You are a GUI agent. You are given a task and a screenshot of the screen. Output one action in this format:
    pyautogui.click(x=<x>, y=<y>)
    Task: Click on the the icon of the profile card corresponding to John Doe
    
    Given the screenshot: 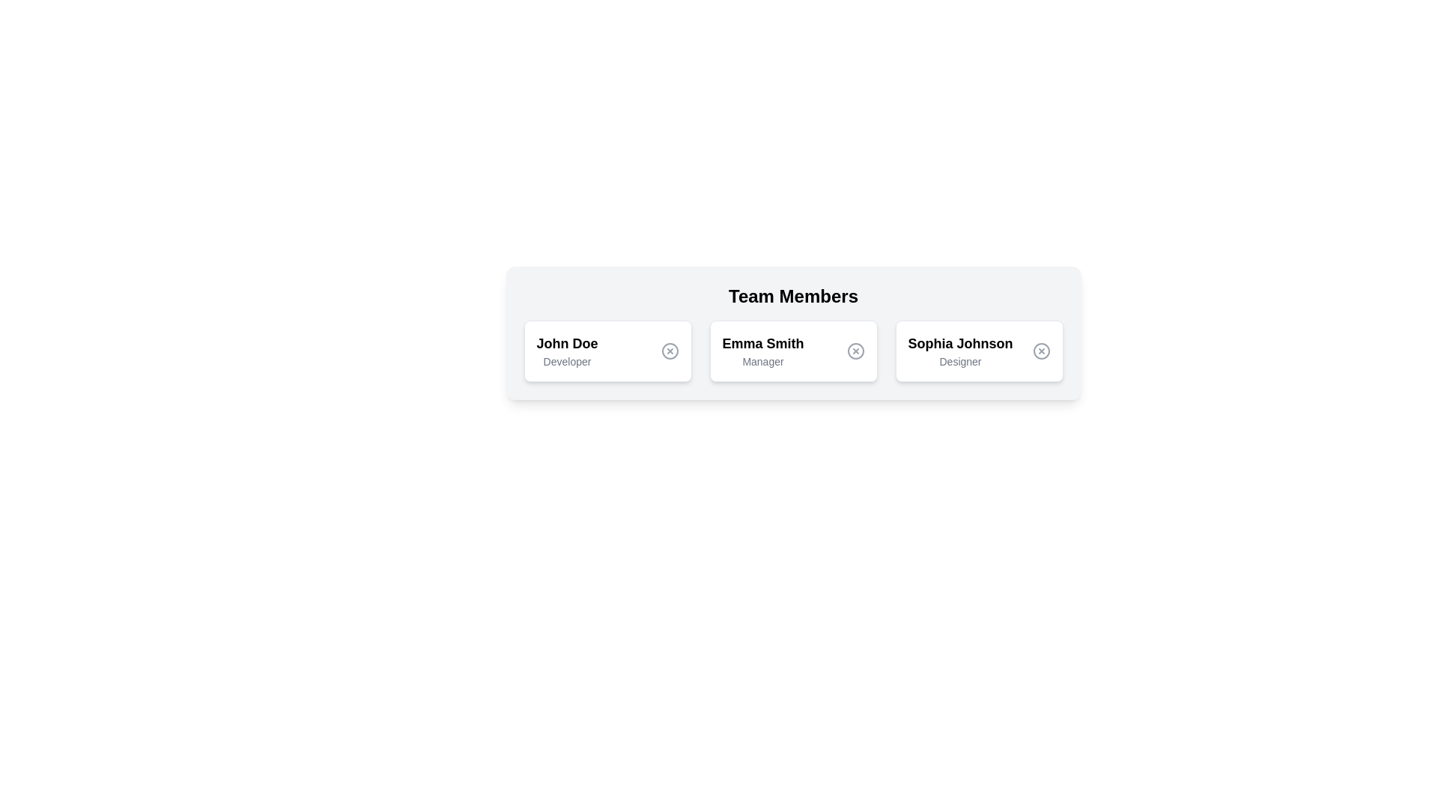 What is the action you would take?
    pyautogui.click(x=669, y=351)
    